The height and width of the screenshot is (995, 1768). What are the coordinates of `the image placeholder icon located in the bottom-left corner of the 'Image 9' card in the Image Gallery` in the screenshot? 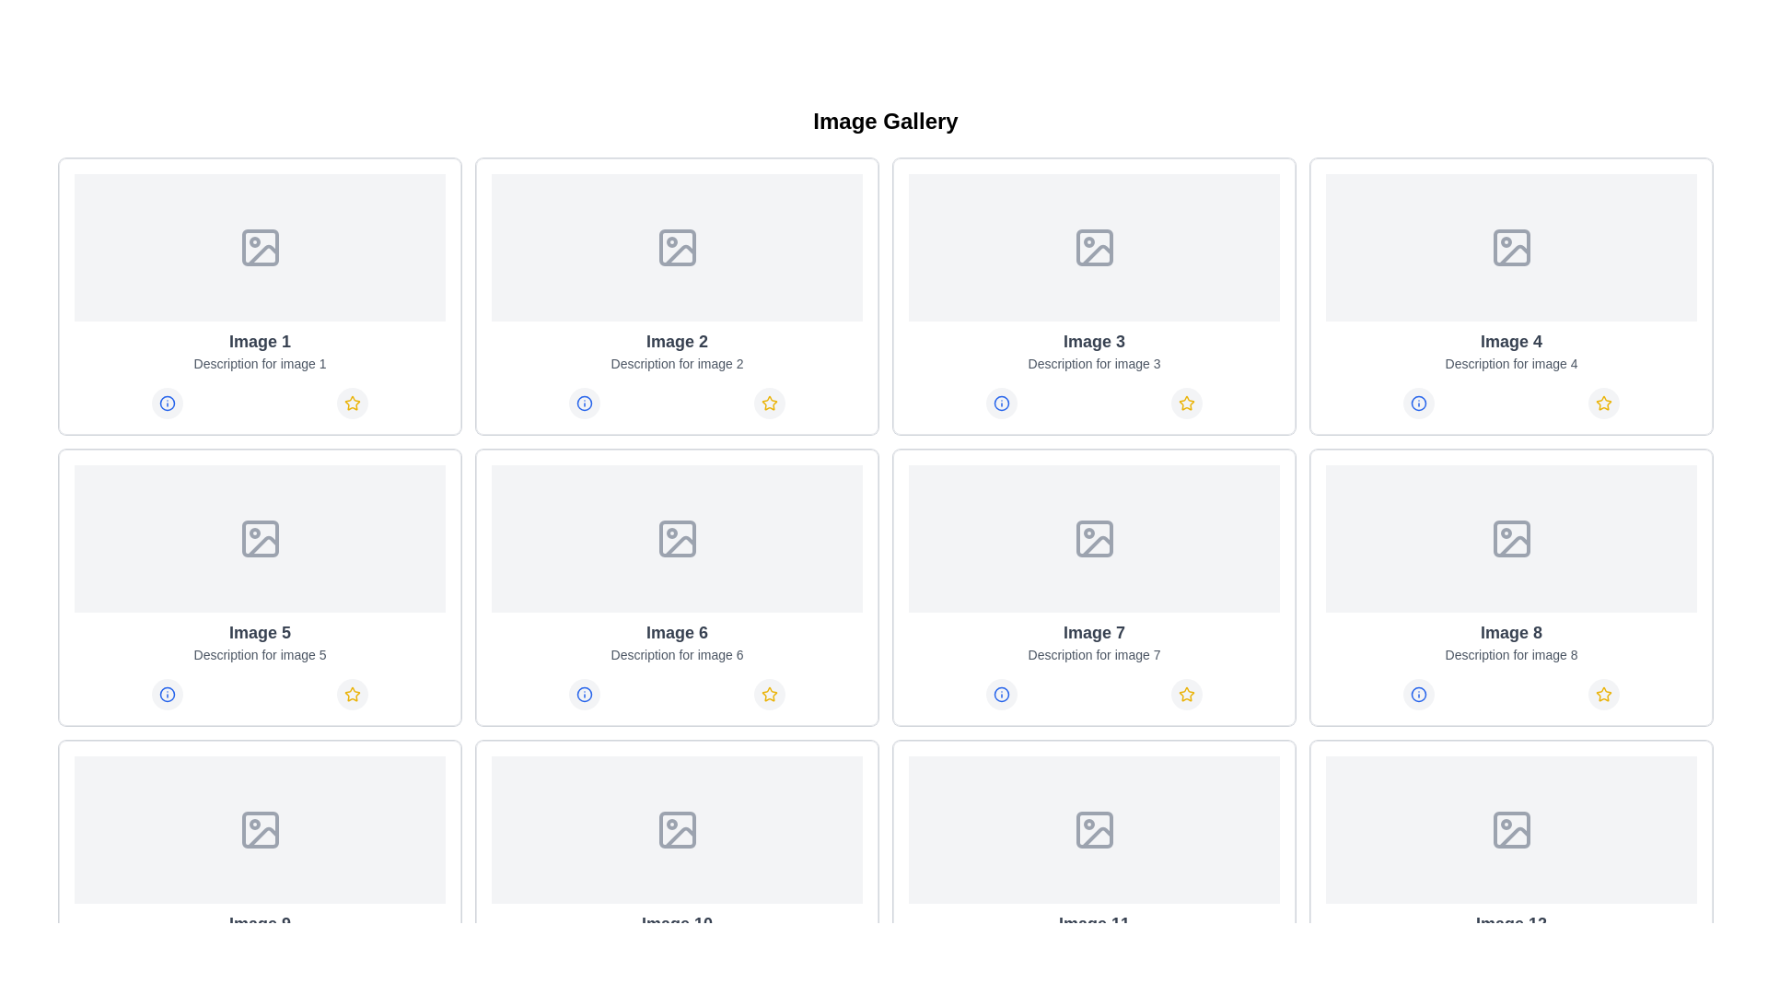 It's located at (259, 830).